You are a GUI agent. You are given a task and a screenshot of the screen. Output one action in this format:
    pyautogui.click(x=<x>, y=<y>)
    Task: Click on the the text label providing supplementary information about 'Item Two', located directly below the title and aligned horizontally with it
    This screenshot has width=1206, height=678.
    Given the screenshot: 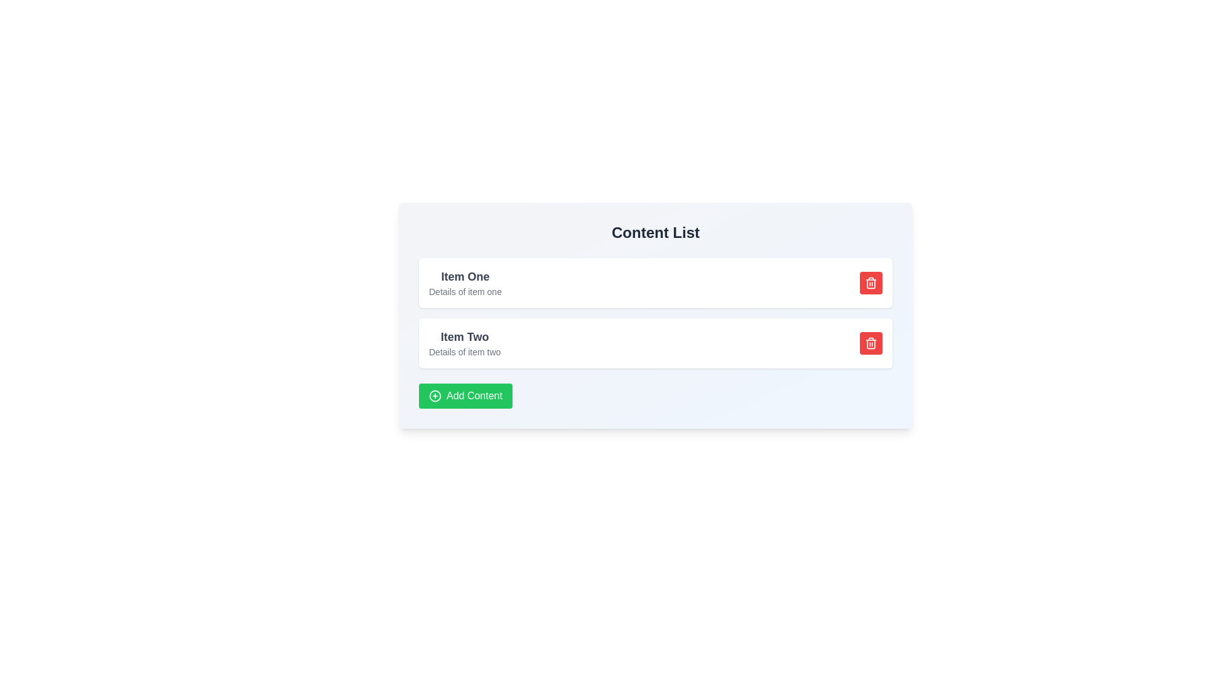 What is the action you would take?
    pyautogui.click(x=464, y=352)
    